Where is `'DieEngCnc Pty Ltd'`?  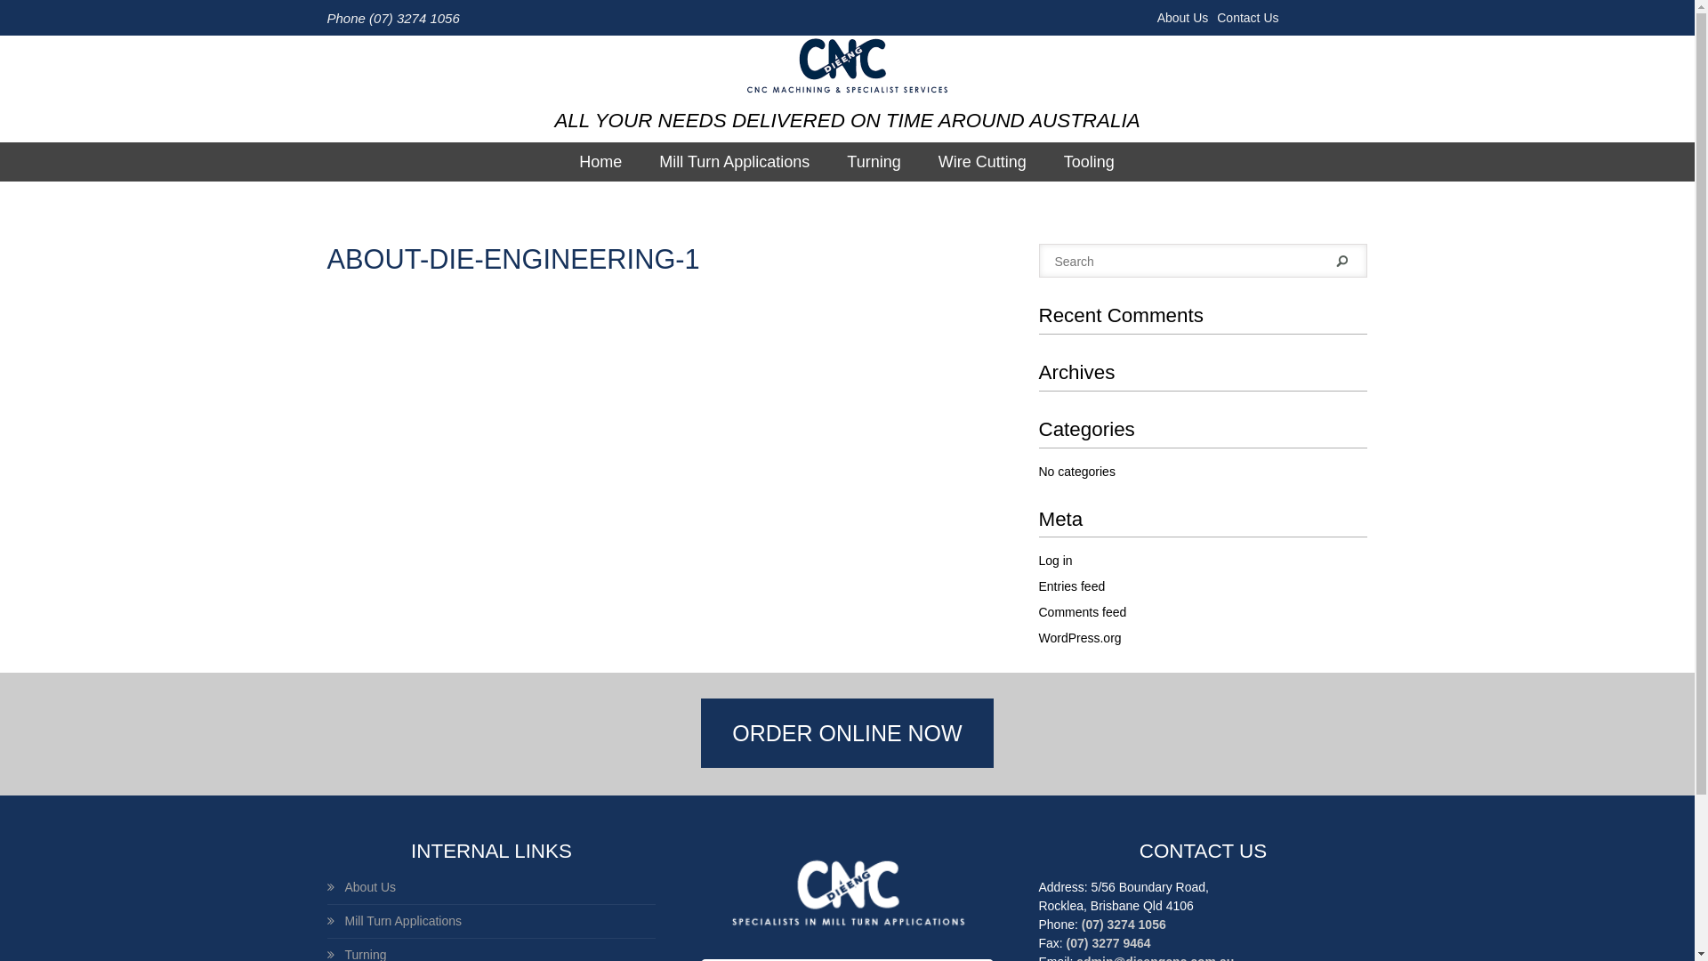 'DieEngCnc Pty Ltd' is located at coordinates (846, 67).